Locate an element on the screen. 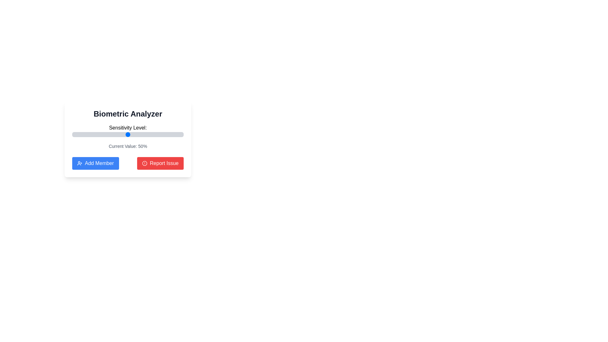  the sensitivity level is located at coordinates (119, 134).